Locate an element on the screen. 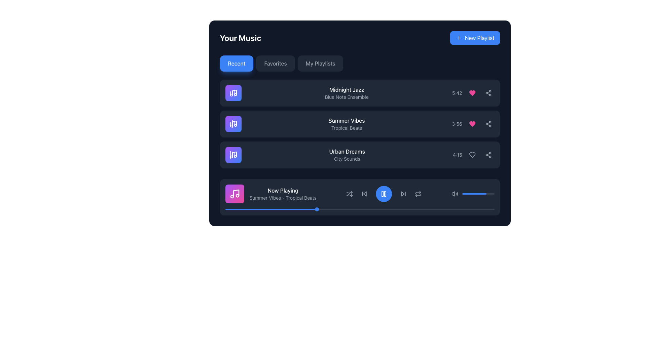 The width and height of the screenshot is (646, 363). the animated visualization icon representing the currently playing track, which is located in a purple-to-blue gradient square above the 'Now Playing' text is located at coordinates (233, 155).